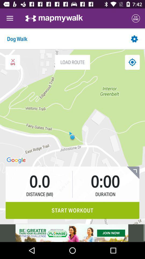  What do you see at coordinates (133, 172) in the screenshot?
I see `expand` at bounding box center [133, 172].